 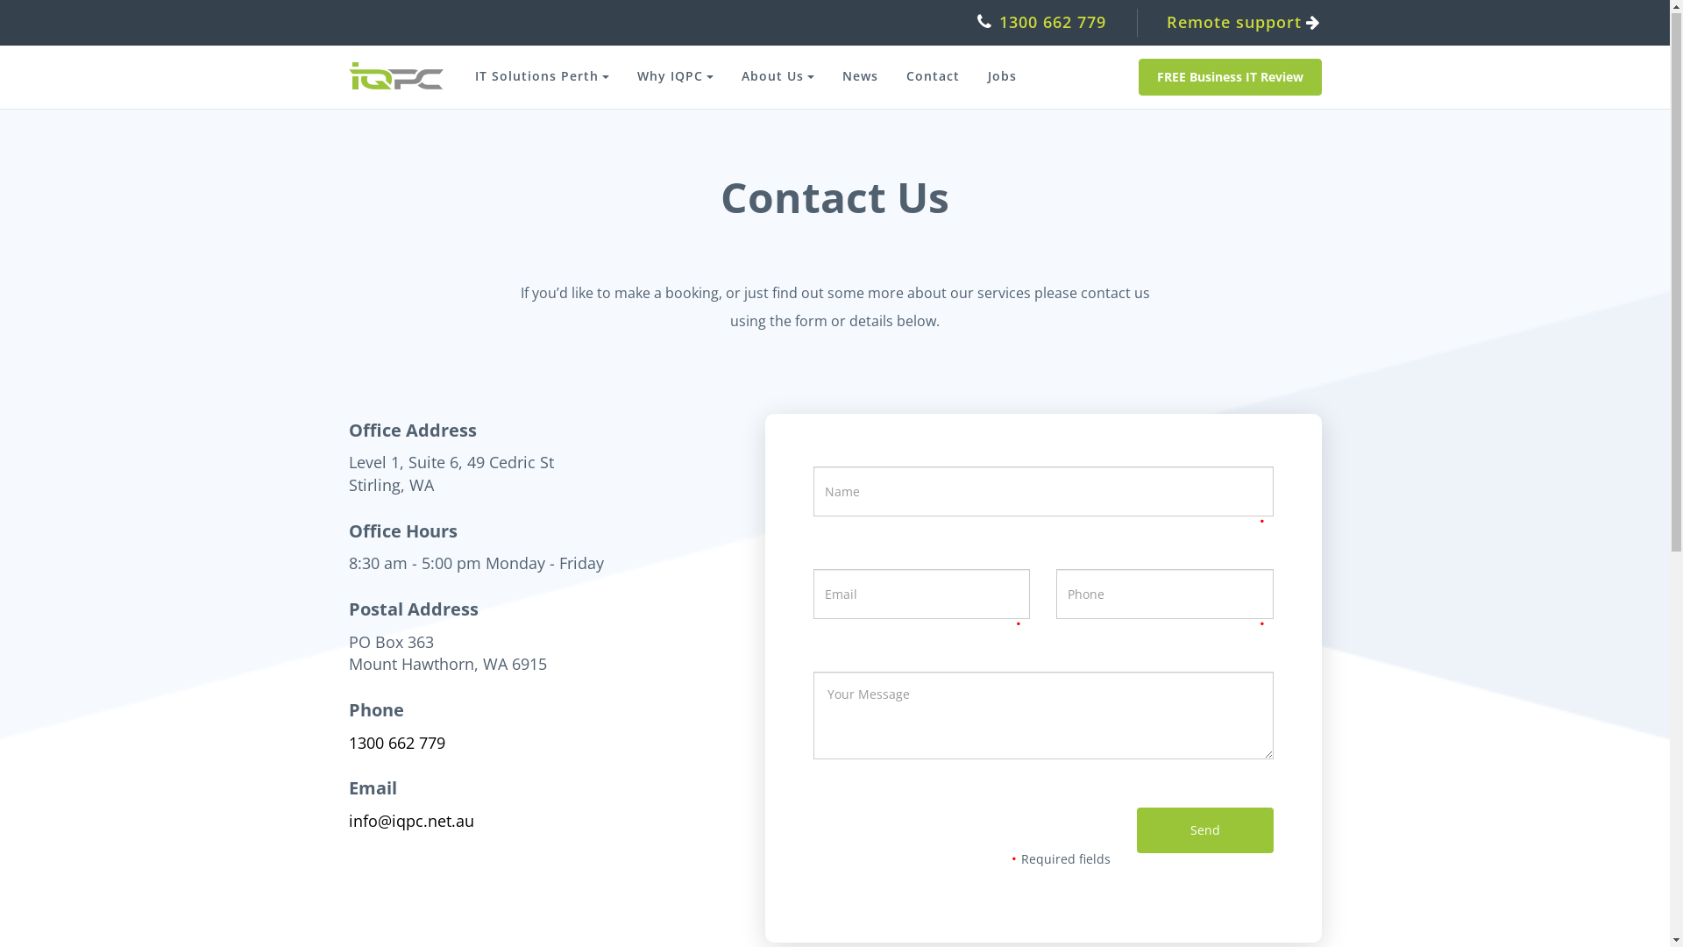 I want to click on 'About Us', so click(x=740, y=76).